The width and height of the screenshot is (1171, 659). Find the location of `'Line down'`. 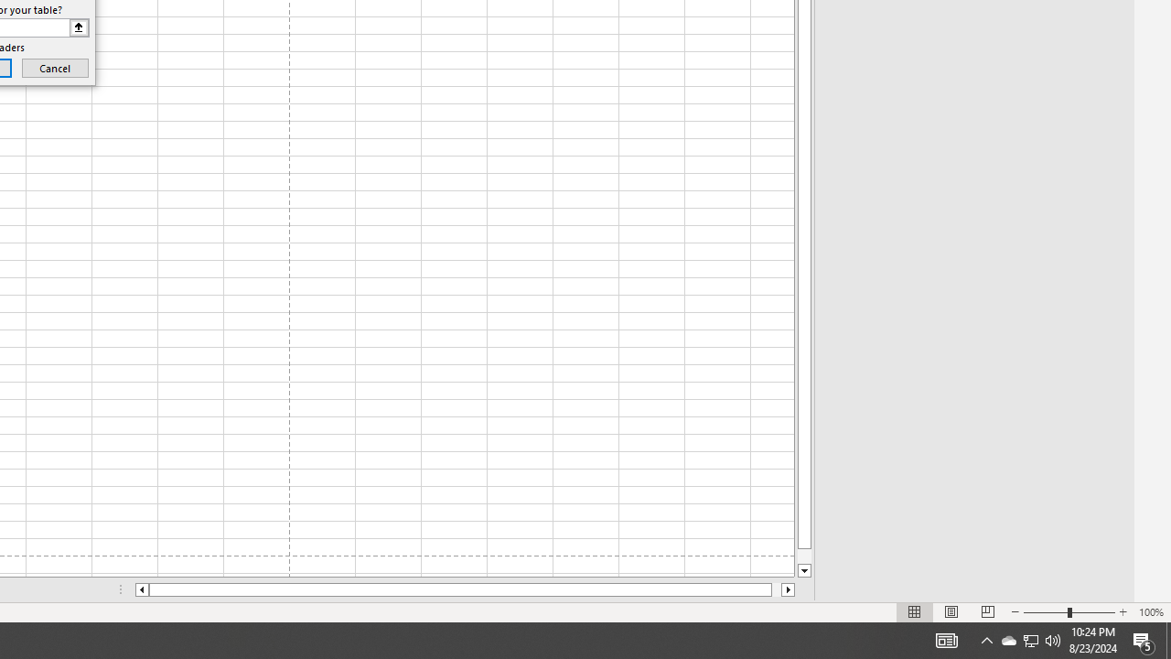

'Line down' is located at coordinates (804, 570).